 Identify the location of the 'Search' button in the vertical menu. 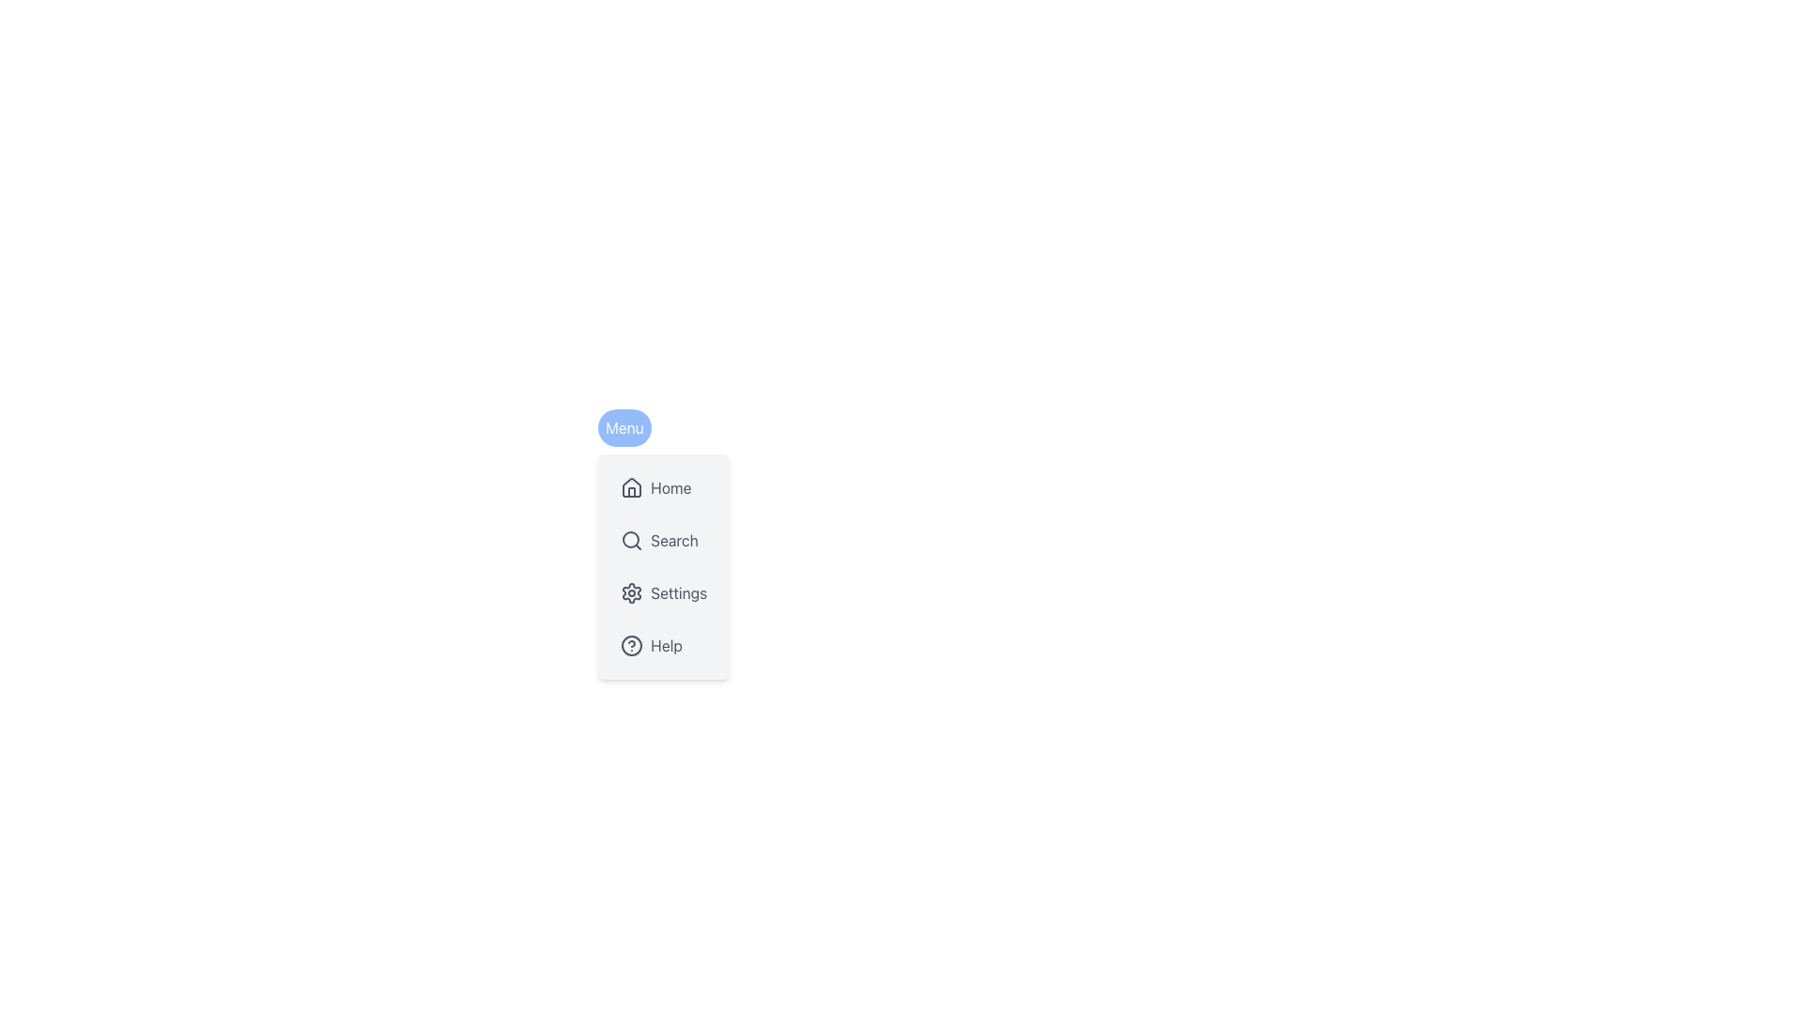
(664, 540).